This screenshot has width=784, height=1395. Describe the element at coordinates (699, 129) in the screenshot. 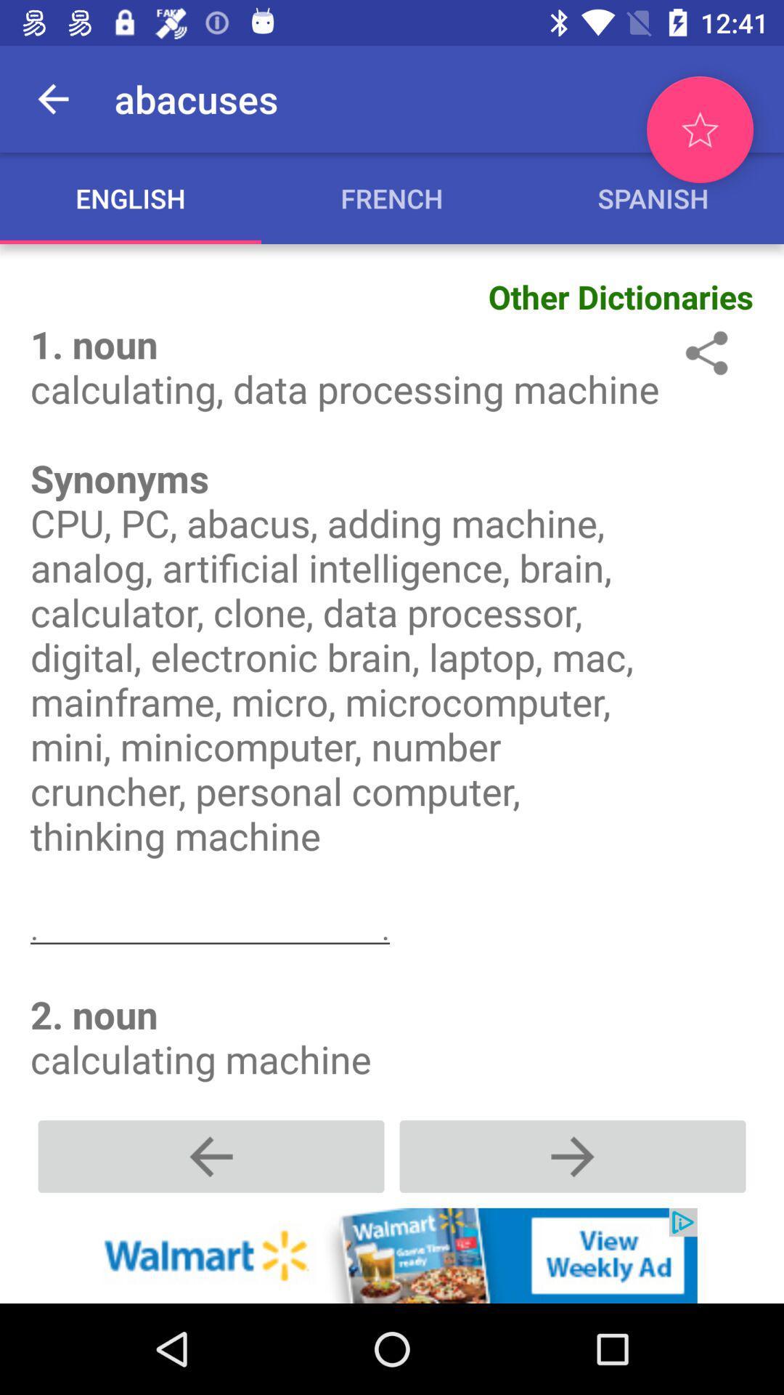

I see `the star icon` at that location.